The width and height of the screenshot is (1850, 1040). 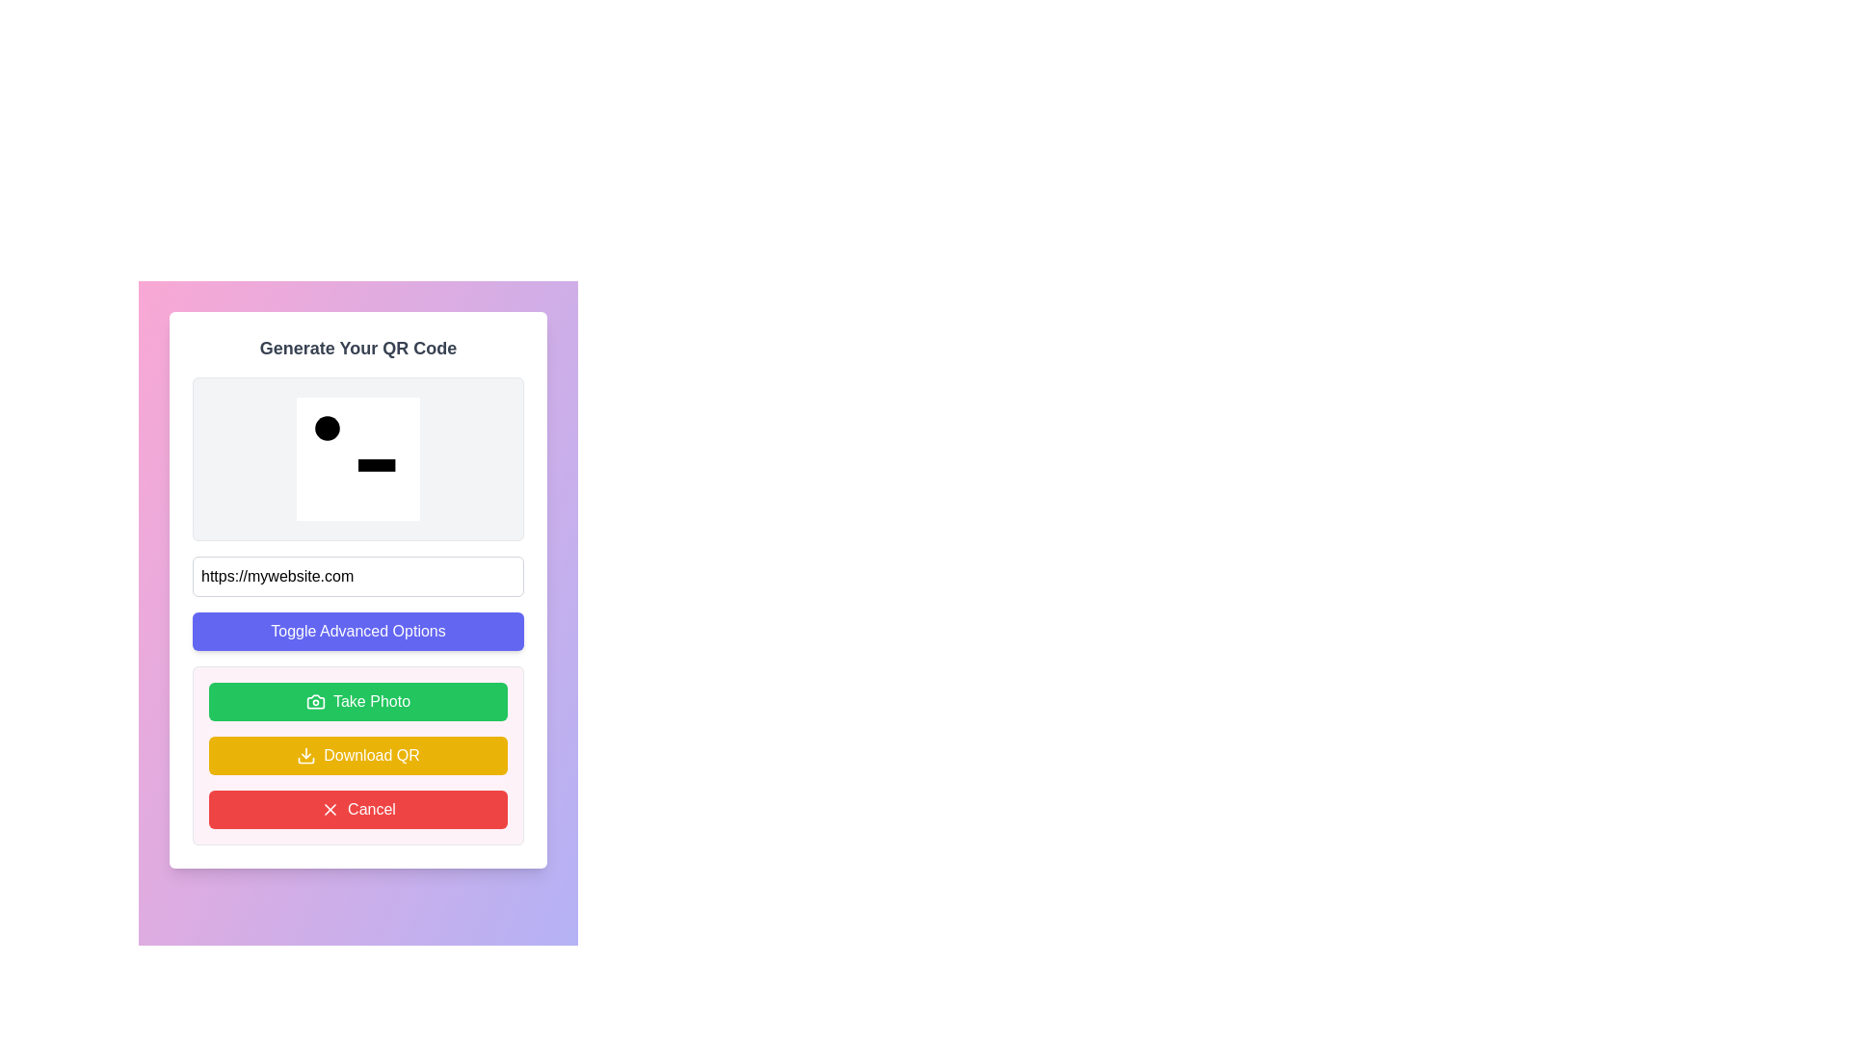 I want to click on the 'Take Photo' button, which is a green rounded rectangular button with a camera icon and white text, to observe the hover effect, so click(x=358, y=702).